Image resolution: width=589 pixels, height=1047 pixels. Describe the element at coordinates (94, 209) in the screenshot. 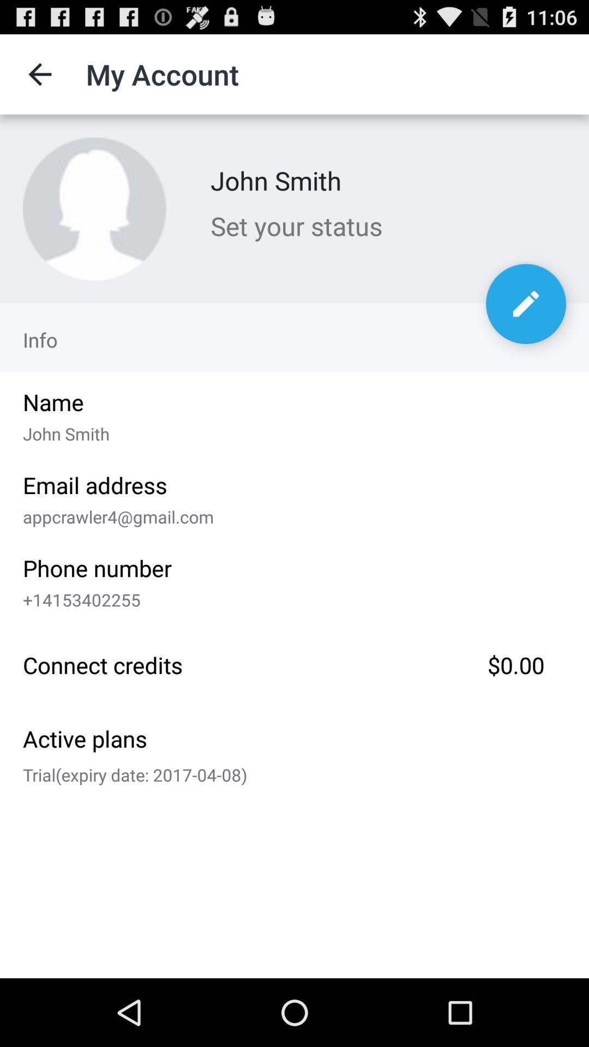

I see `the item to the left of john smith` at that location.